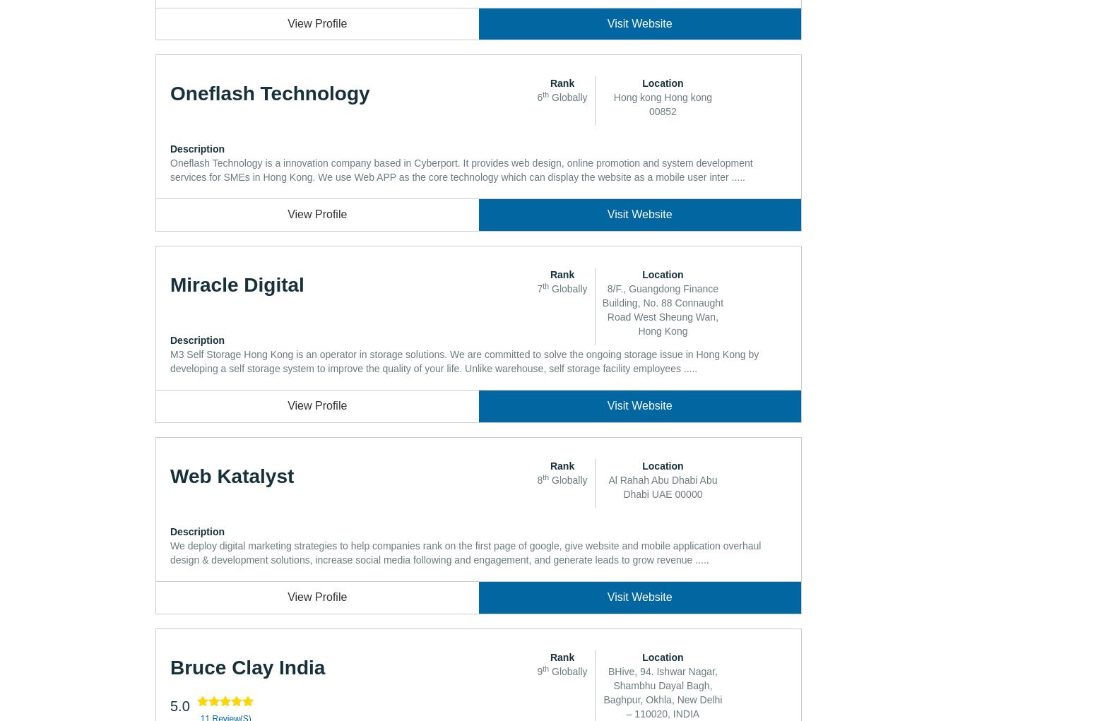 The image size is (1095, 721). I want to click on 'Oneflash Technology', so click(269, 93).